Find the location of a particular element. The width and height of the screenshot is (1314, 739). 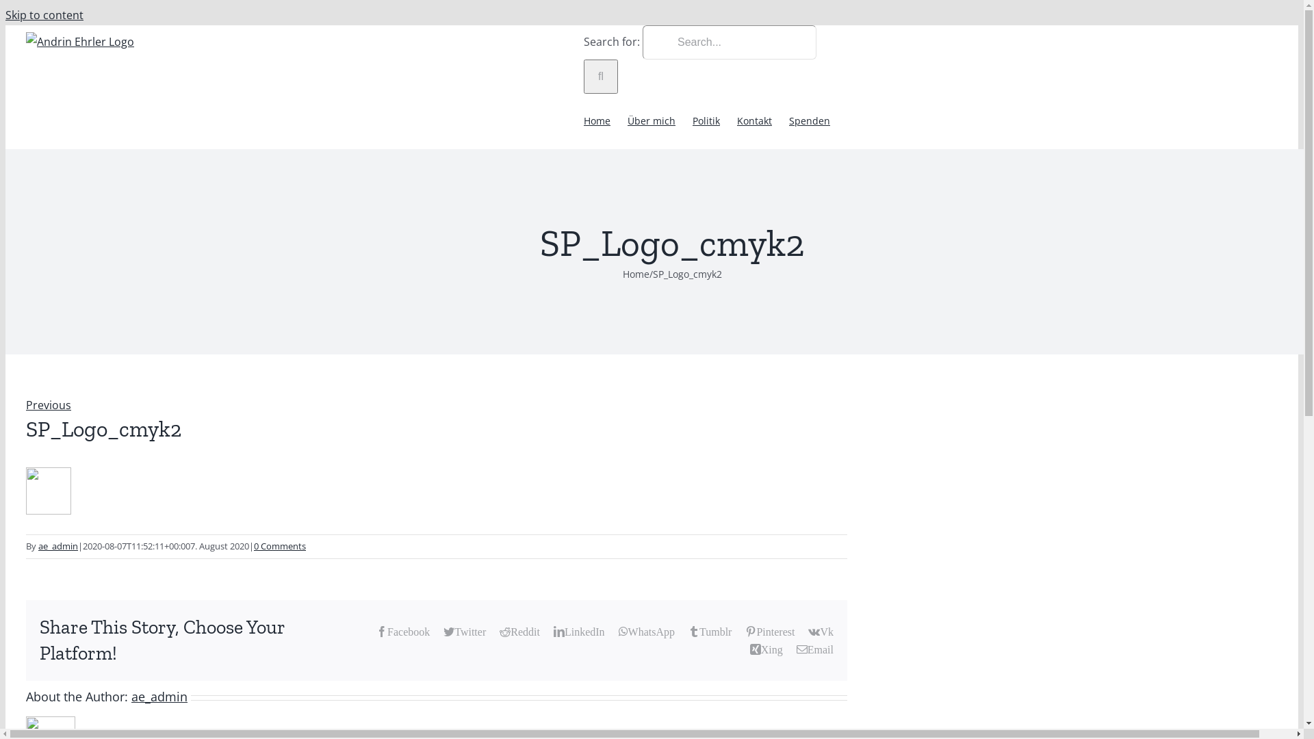

'WhatsApp' is located at coordinates (646, 631).